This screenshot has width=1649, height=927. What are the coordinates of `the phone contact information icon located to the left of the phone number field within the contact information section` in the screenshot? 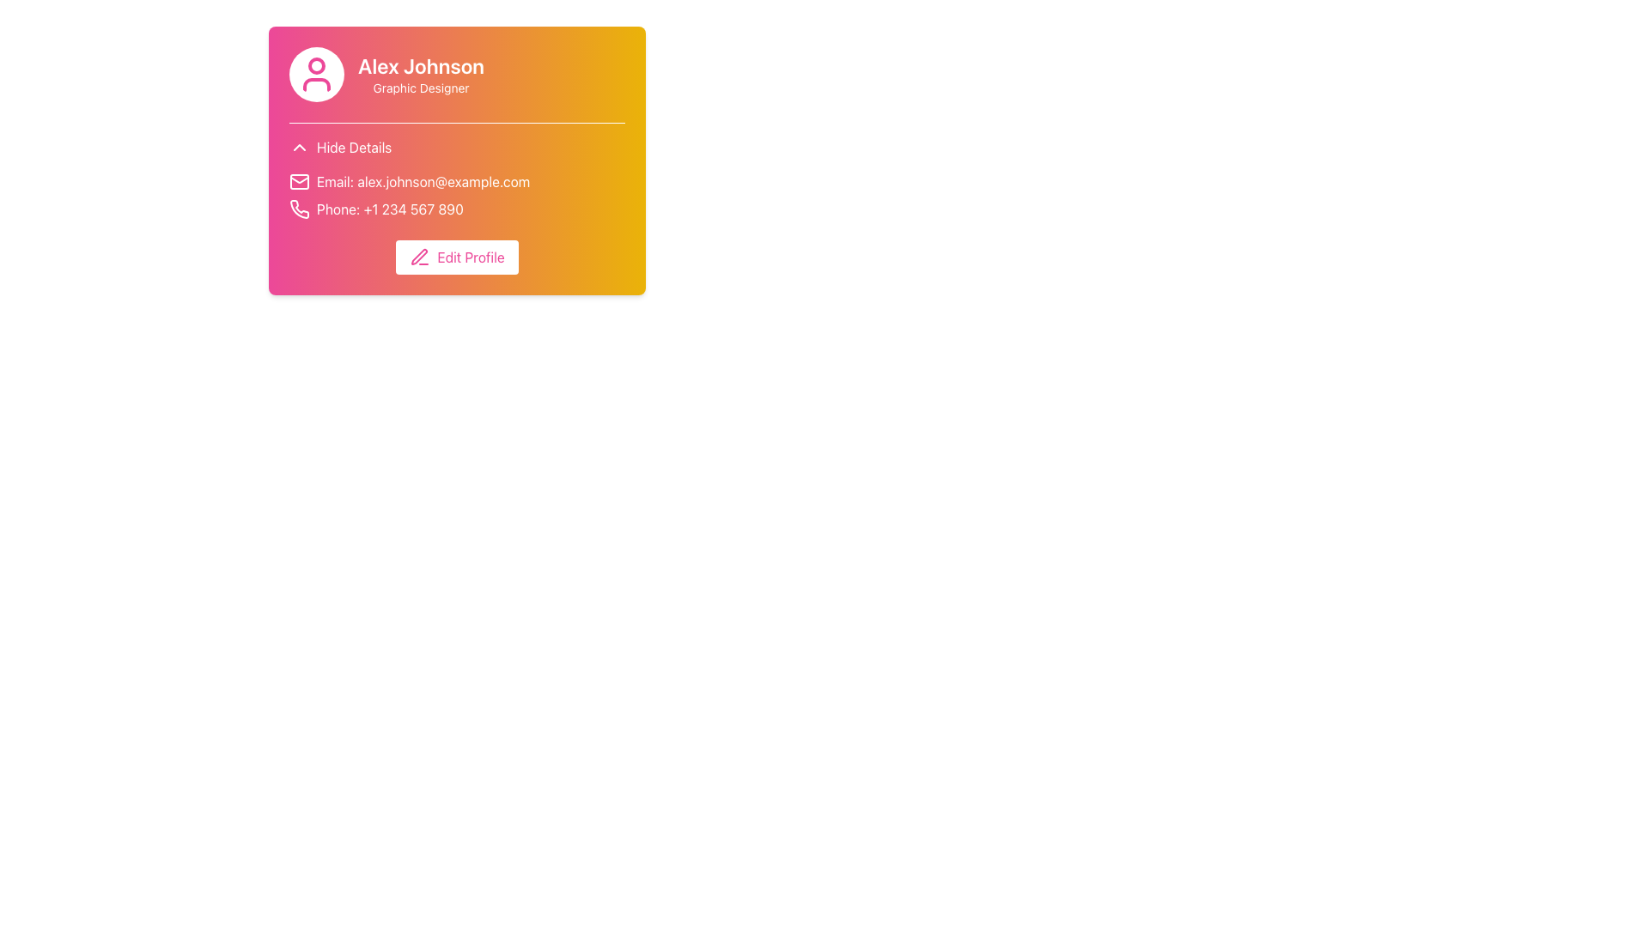 It's located at (300, 208).